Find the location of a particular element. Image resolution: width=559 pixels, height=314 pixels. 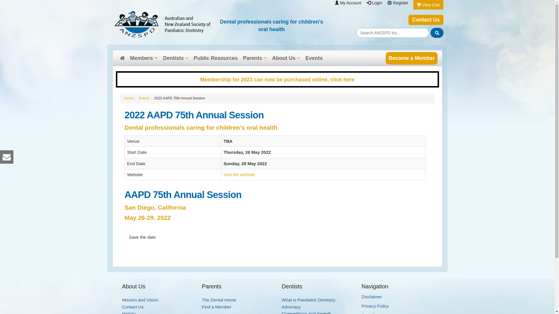

'Events' is located at coordinates (314, 58).